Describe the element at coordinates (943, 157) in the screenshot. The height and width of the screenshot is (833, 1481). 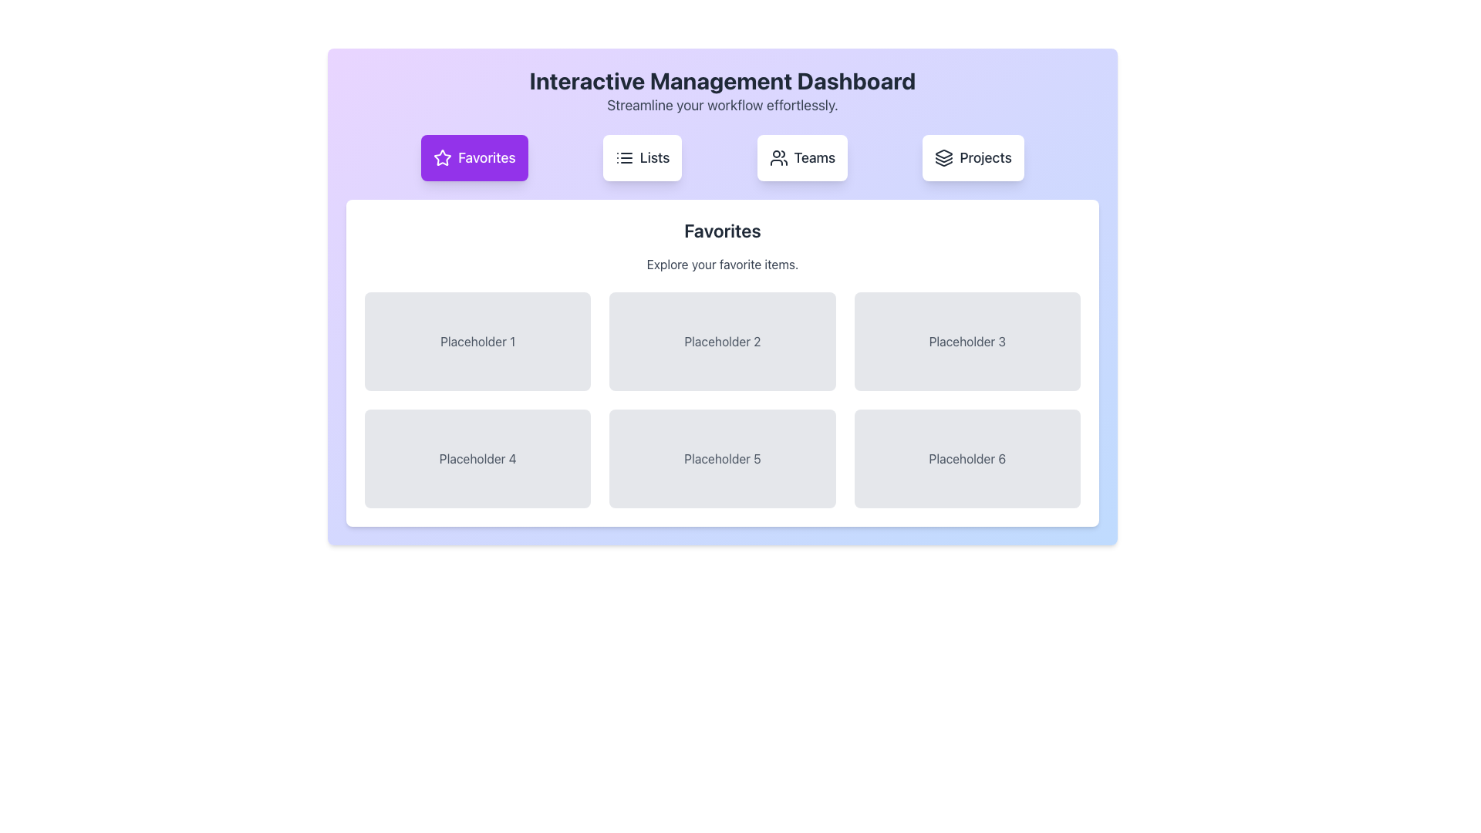
I see `the layered icon located to the left of the 'Projects' text in the header section of the interface` at that location.